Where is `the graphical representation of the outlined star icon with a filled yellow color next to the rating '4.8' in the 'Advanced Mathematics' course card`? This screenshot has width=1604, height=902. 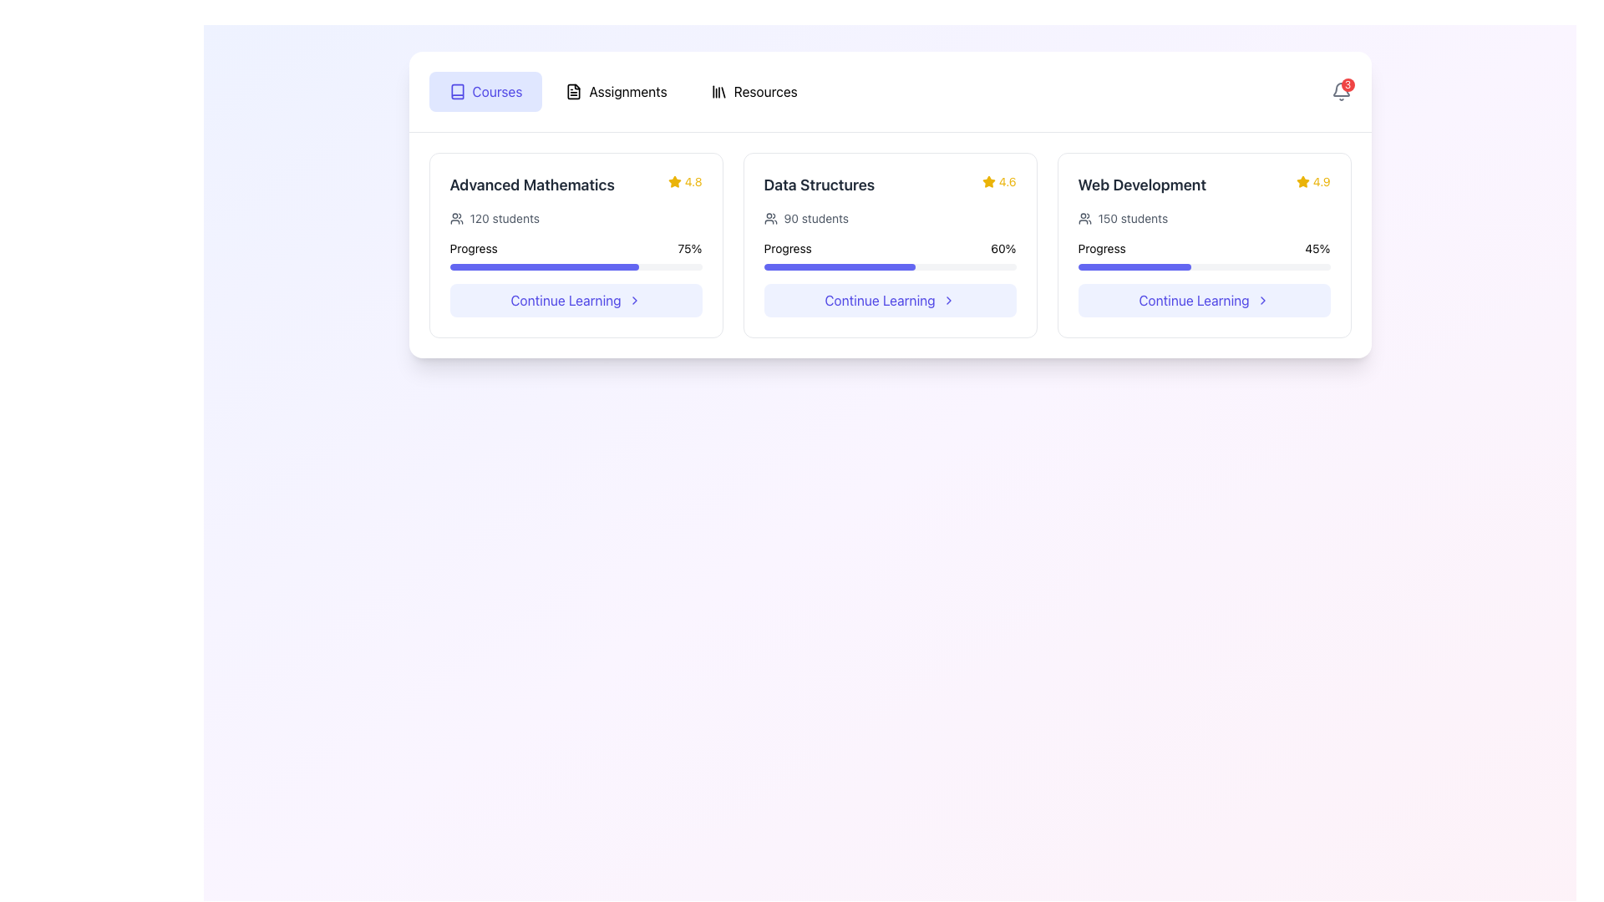 the graphical representation of the outlined star icon with a filled yellow color next to the rating '4.8' in the 'Advanced Mathematics' course card is located at coordinates (674, 182).